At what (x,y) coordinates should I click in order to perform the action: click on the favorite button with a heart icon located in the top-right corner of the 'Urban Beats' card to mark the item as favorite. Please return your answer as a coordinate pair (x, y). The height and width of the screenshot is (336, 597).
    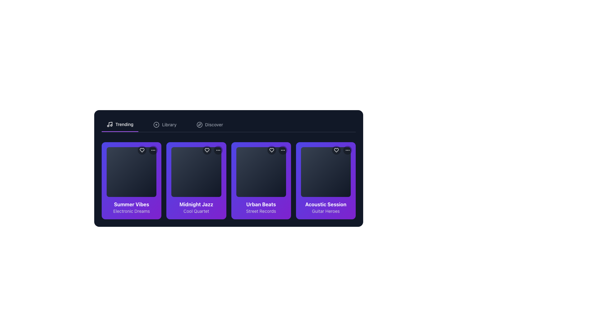
    Looking at the image, I should click on (271, 150).